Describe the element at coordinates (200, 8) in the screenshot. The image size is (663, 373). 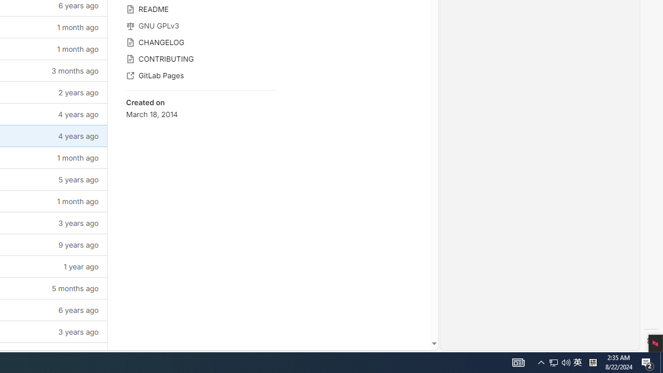
I see `'README'` at that location.